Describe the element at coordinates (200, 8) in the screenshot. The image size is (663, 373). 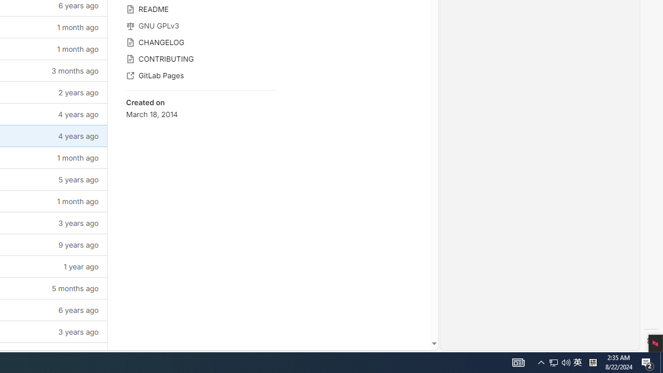
I see `'README'` at that location.